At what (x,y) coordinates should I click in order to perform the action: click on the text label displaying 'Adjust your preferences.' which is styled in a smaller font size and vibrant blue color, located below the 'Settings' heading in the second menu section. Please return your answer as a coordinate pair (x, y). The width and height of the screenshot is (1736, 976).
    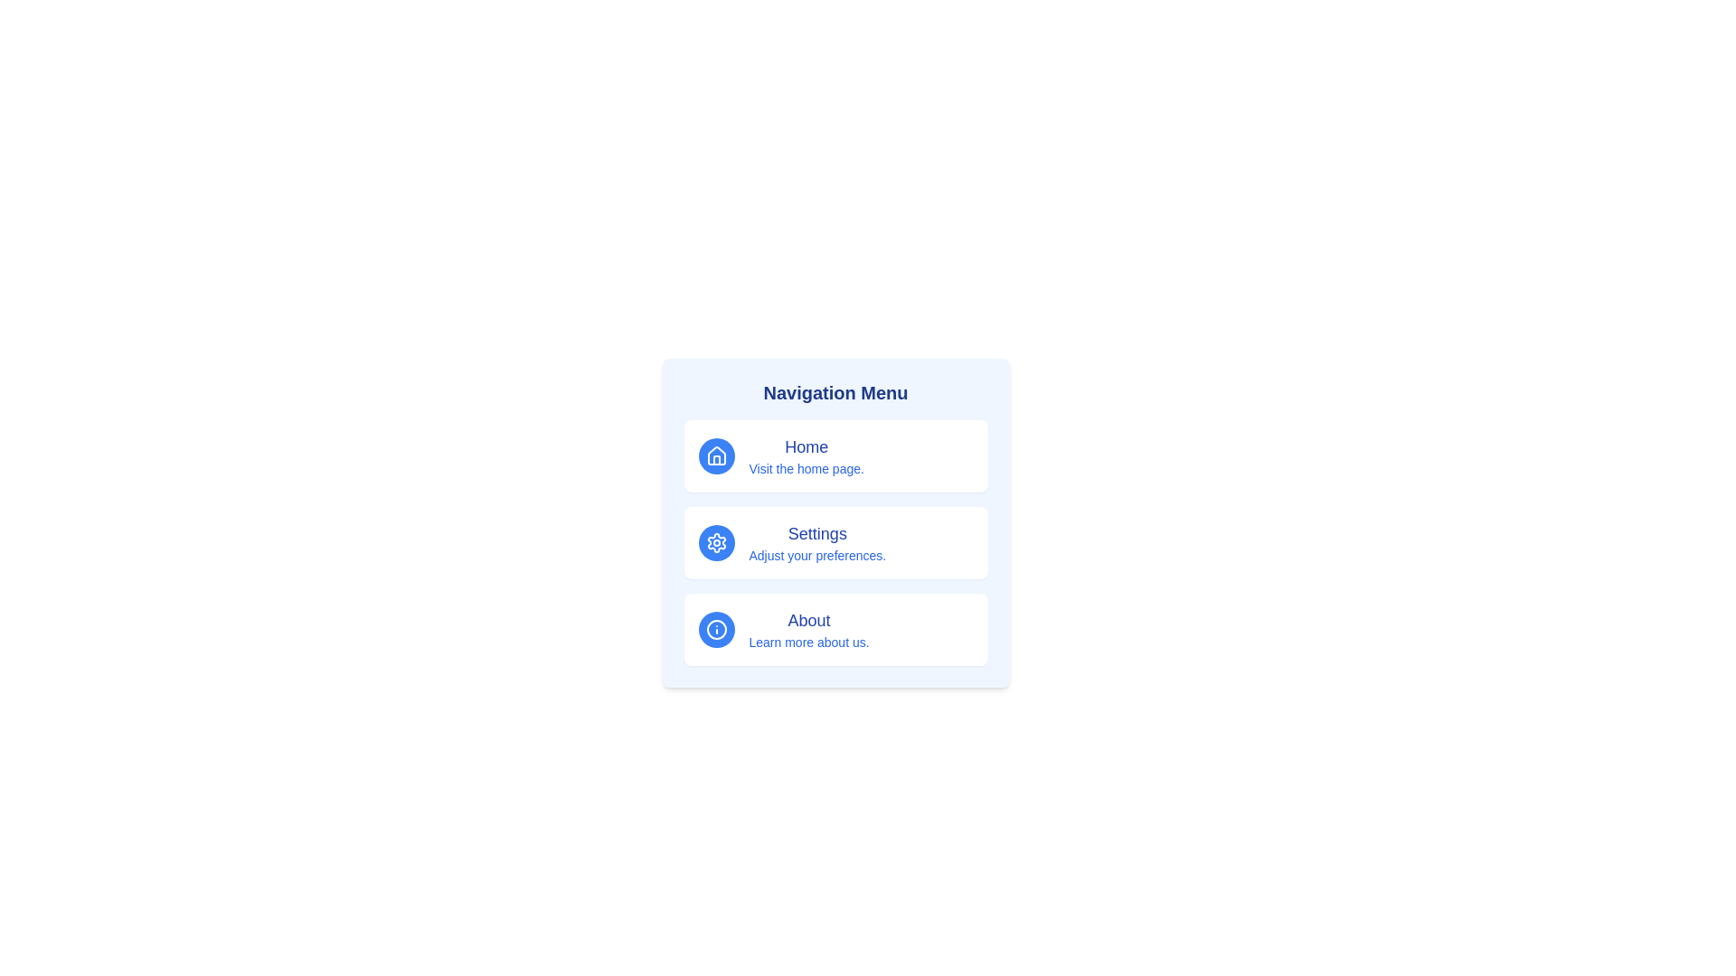
    Looking at the image, I should click on (816, 554).